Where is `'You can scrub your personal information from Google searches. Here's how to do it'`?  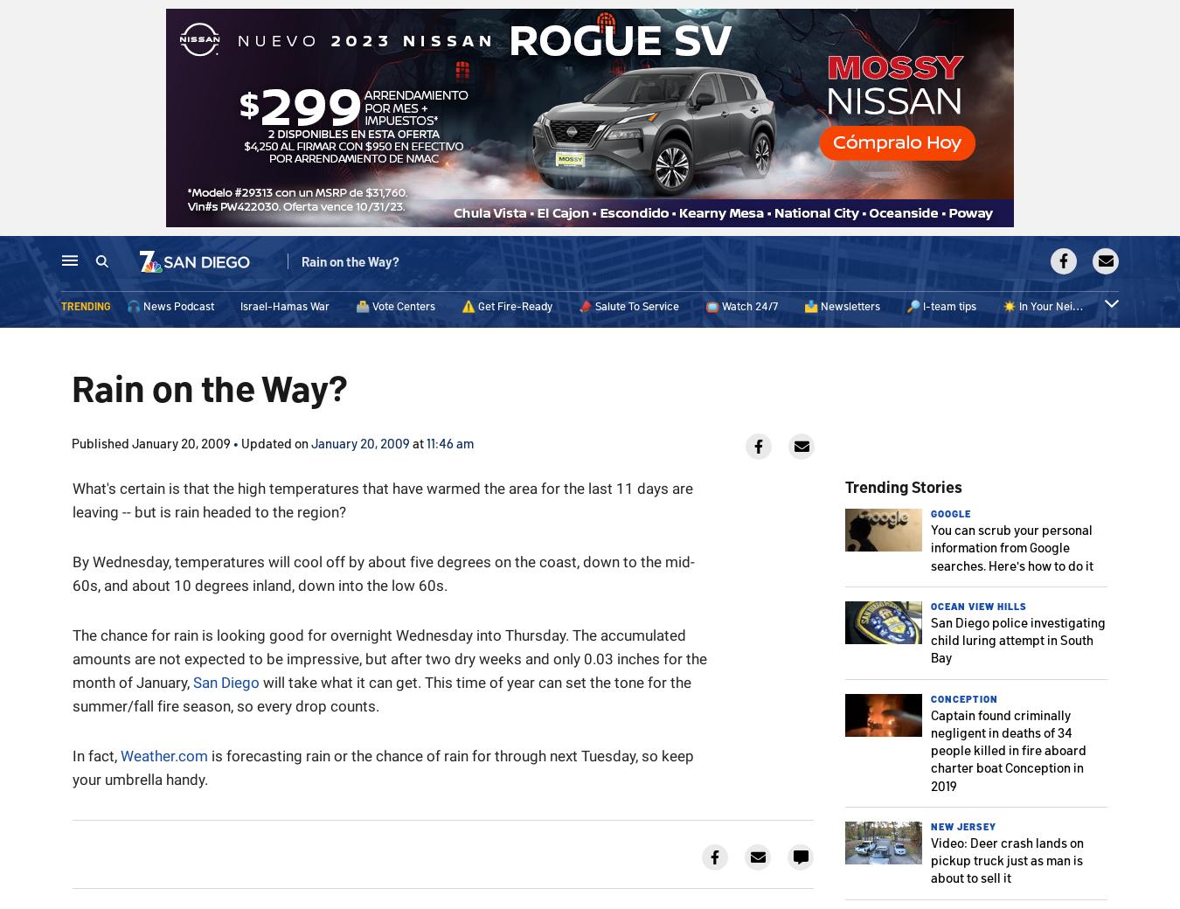
'You can scrub your personal information from Google searches. Here's how to do it' is located at coordinates (931, 545).